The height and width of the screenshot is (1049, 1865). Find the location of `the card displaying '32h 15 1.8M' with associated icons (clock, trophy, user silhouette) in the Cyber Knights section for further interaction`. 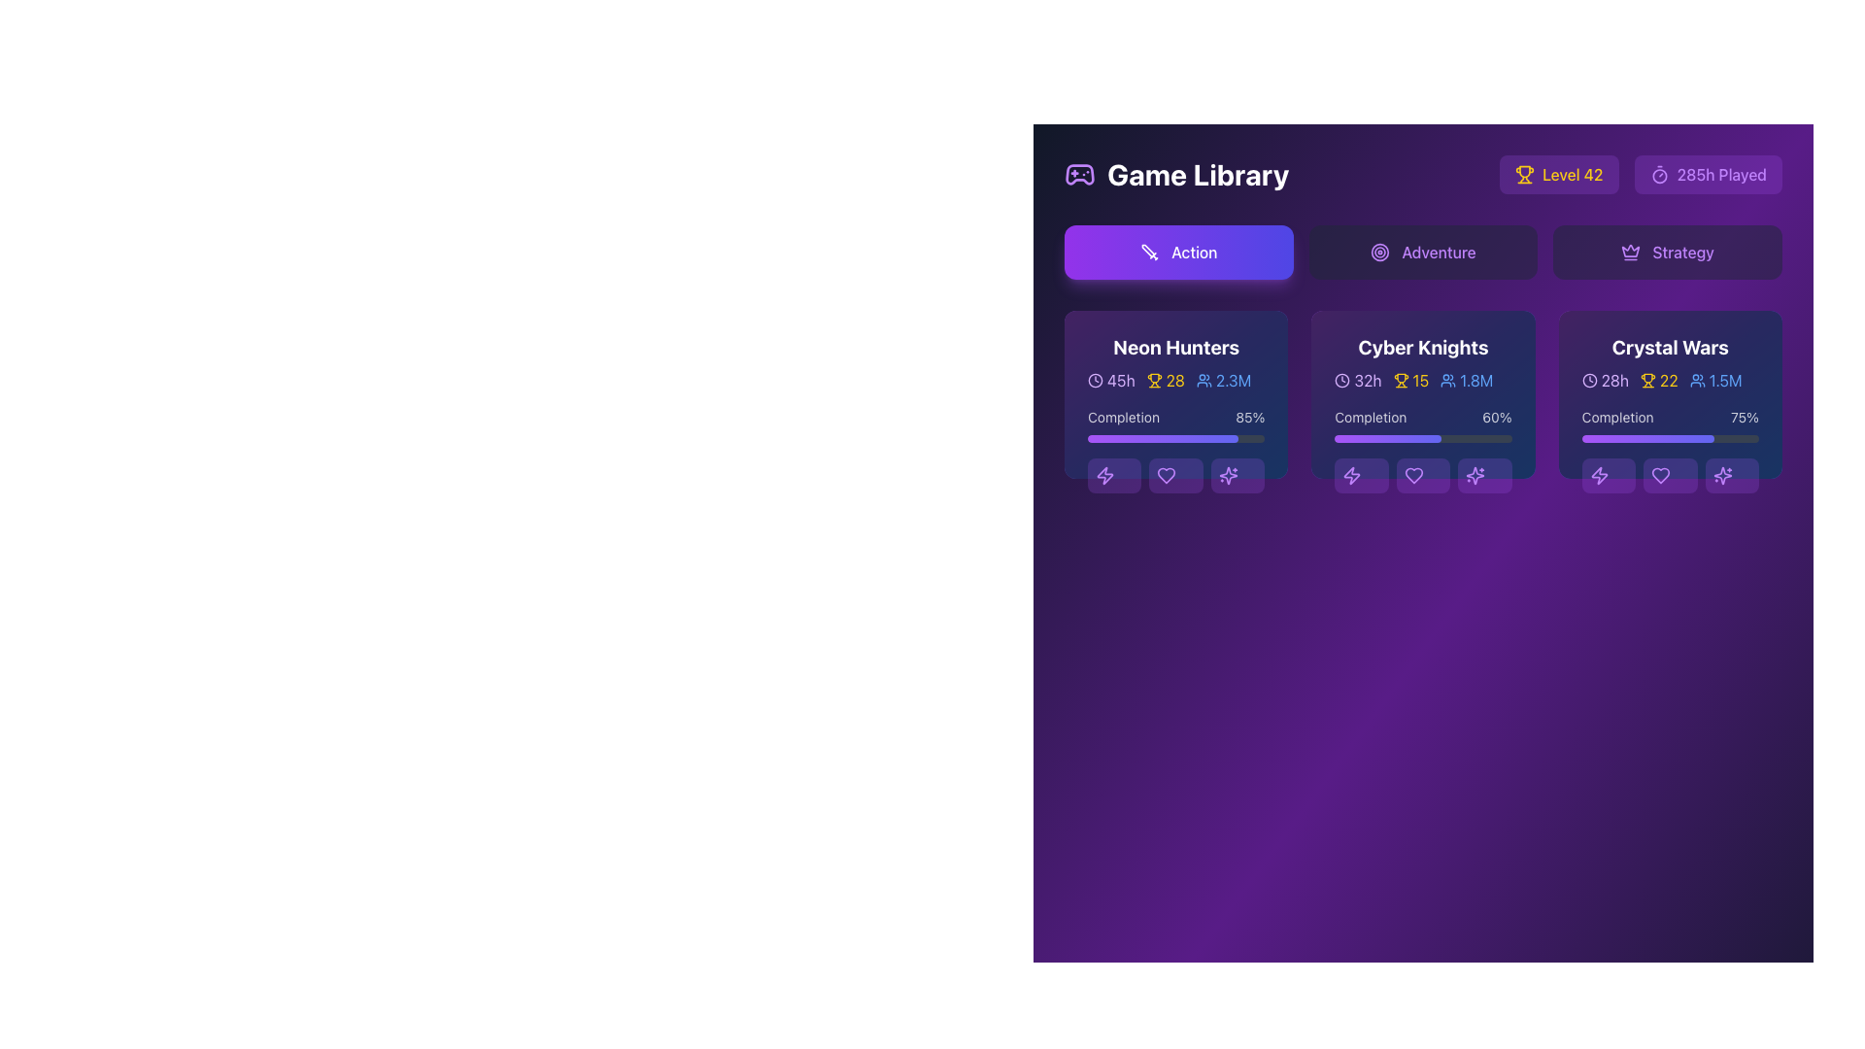

the card displaying '32h 15 1.8M' with associated icons (clock, trophy, user silhouette) in the Cyber Knights section for further interaction is located at coordinates (1423, 381).